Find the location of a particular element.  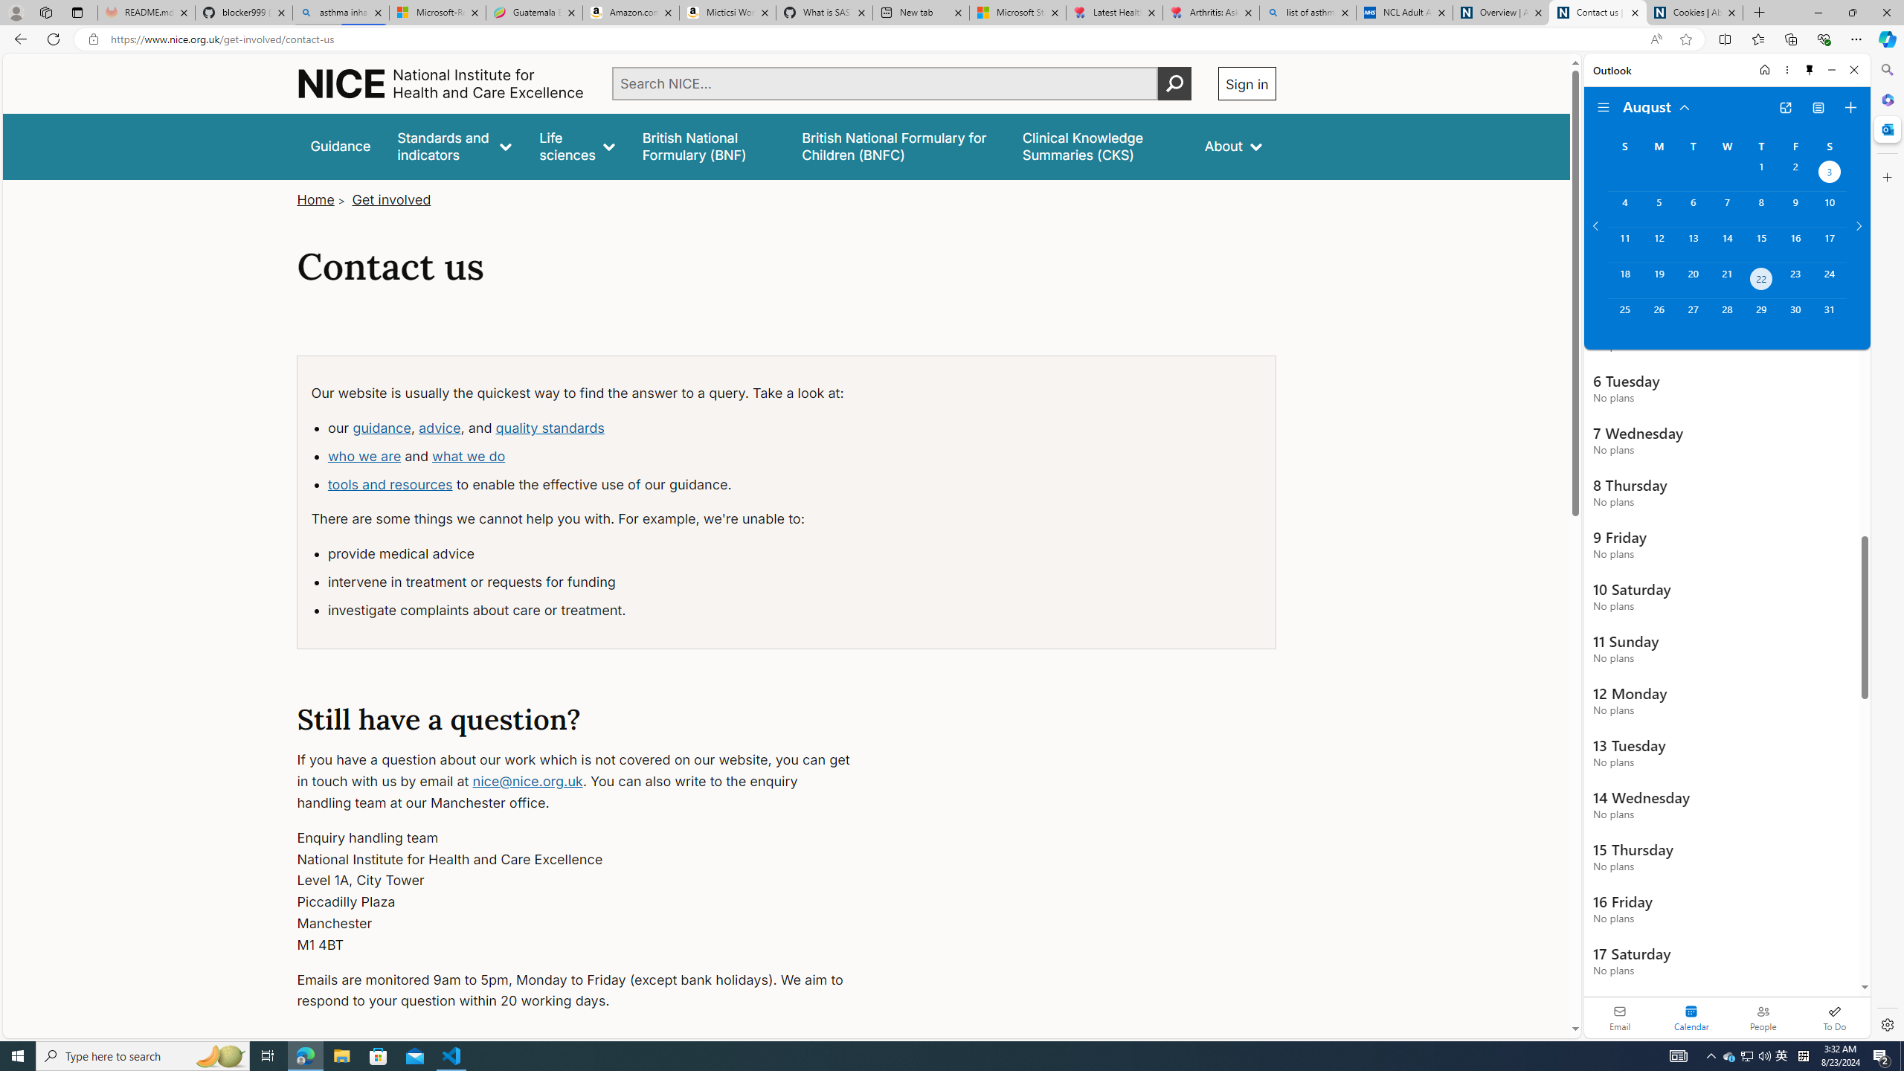

'Saturday, August 24, 2024. ' is located at coordinates (1829, 280).